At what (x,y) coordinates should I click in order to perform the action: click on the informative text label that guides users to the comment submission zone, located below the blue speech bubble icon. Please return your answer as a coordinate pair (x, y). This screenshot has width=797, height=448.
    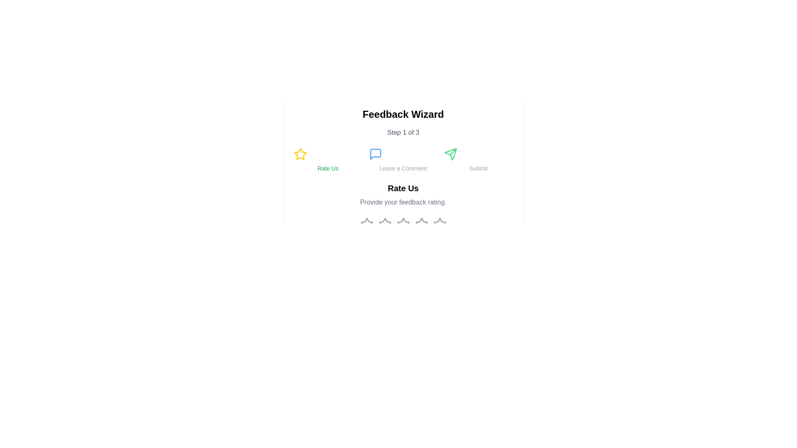
    Looking at the image, I should click on (403, 168).